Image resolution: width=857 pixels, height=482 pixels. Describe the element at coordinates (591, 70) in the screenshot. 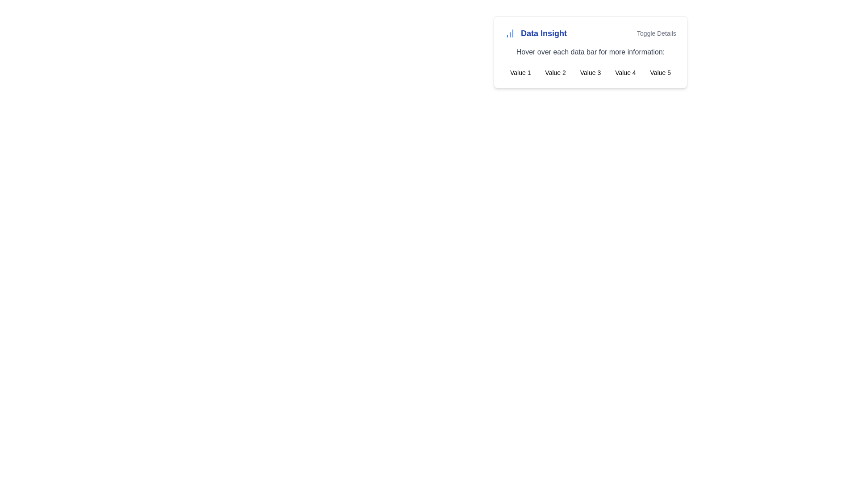

I see `the text label element that serves as a title for its associated data, located between 'Value 2' and 'Value 4' in a grid of five elements` at that location.